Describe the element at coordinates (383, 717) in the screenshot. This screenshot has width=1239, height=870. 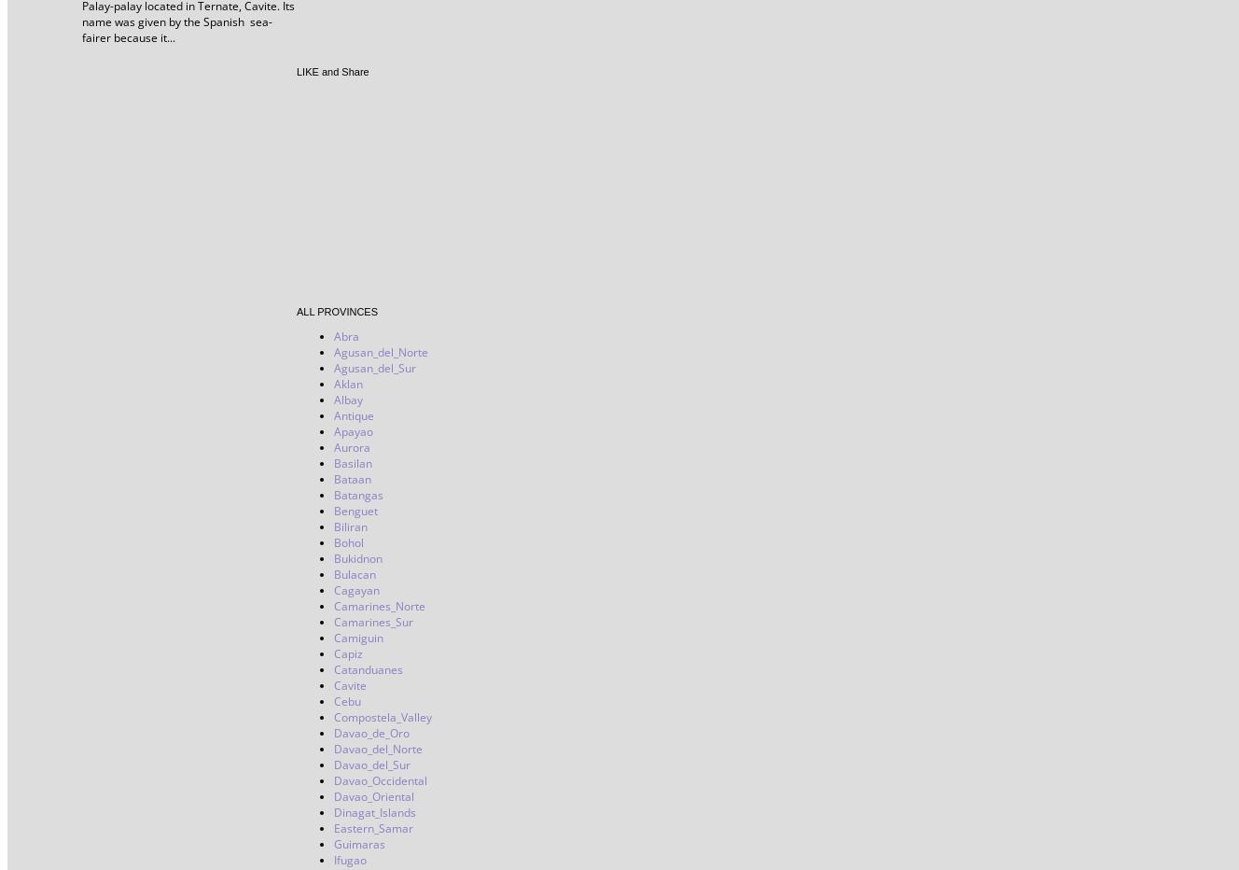
I see `'Compostela_Valley'` at that location.